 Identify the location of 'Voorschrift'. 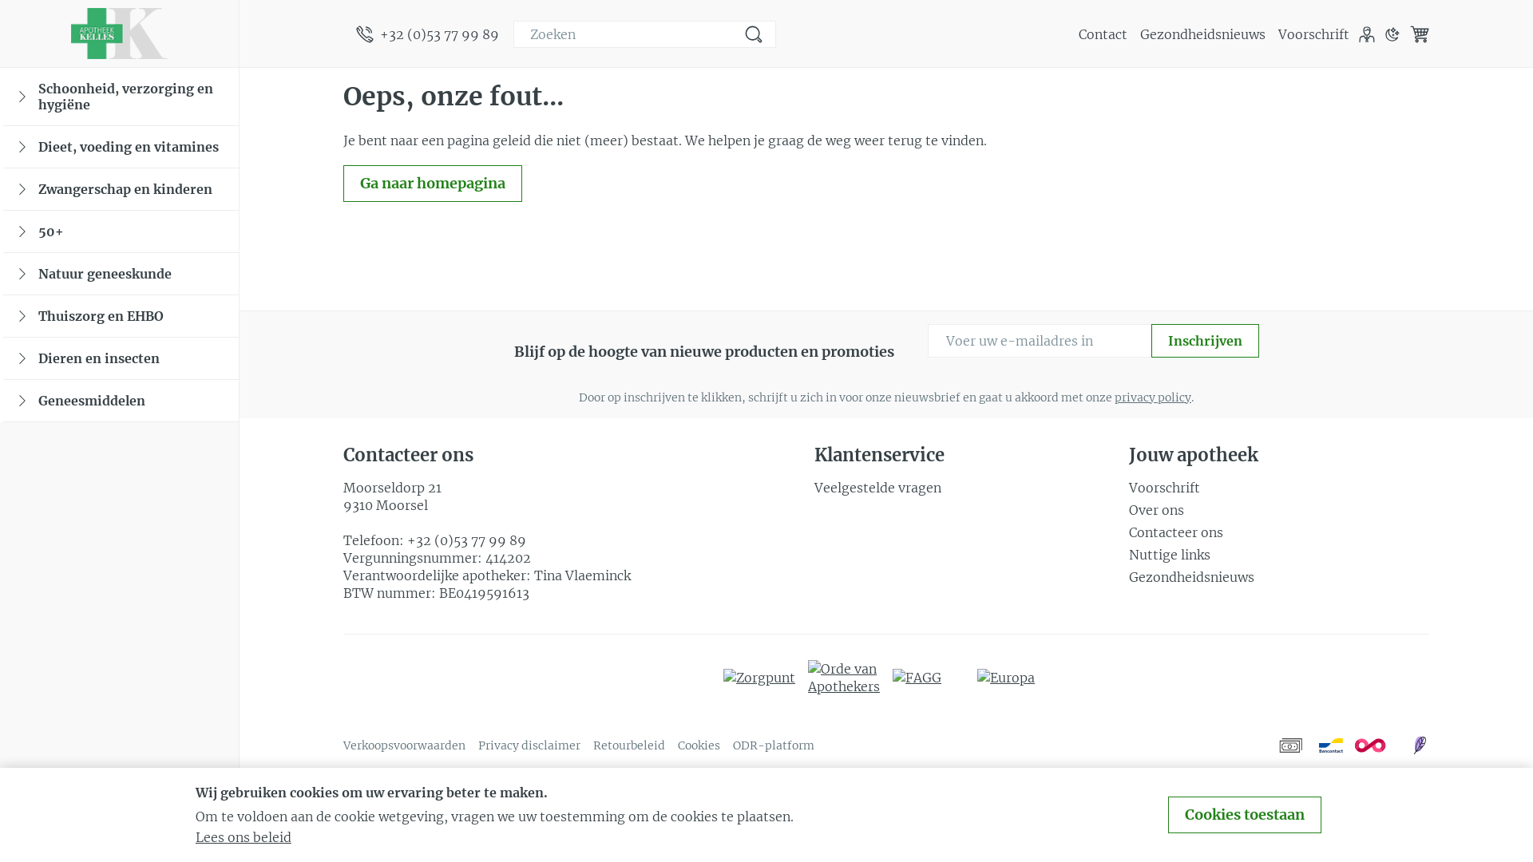
(1278, 34).